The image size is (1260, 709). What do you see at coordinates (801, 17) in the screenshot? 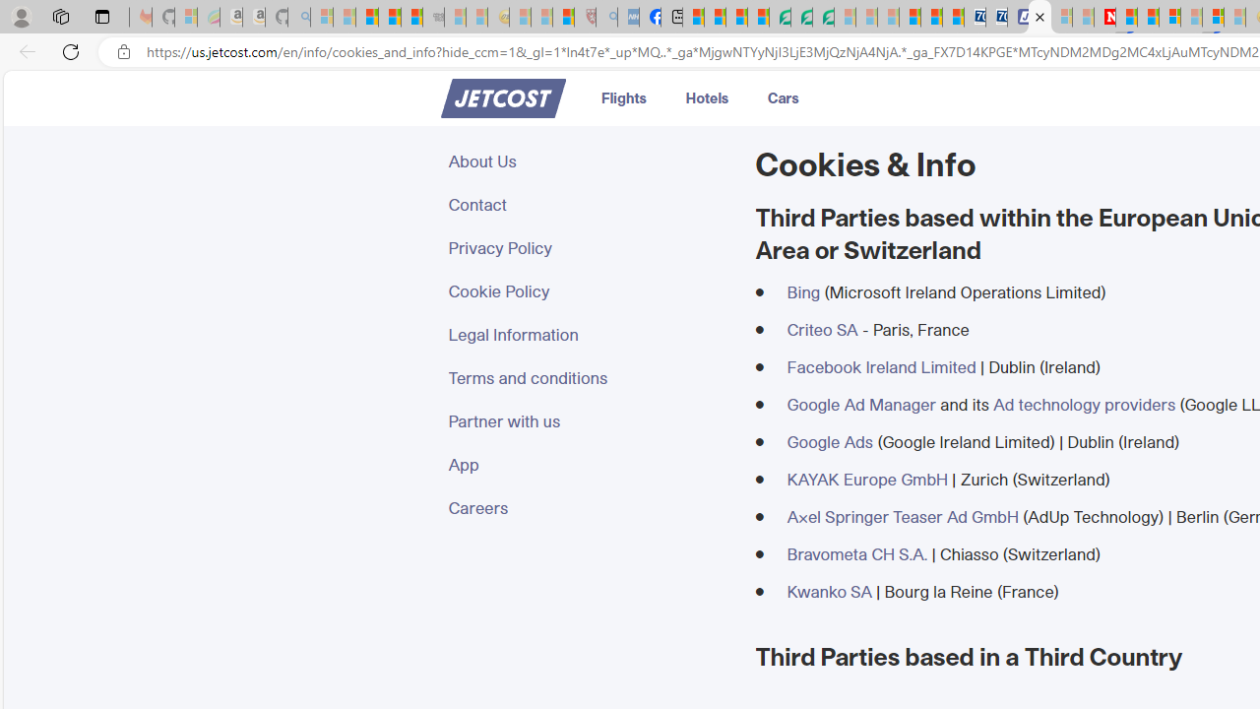
I see `'Terms of Use Agreement'` at bounding box center [801, 17].